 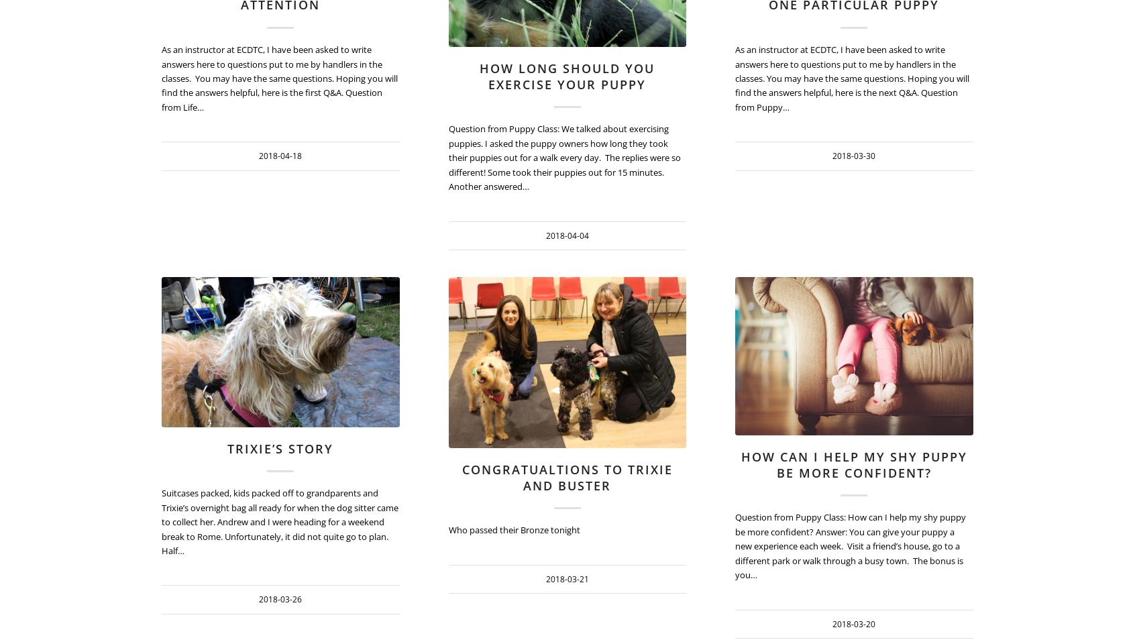 What do you see at coordinates (850, 545) in the screenshot?
I see `'Question from Puppy Class:

How can I help my shy puppy be more confident?

Answer:

You can give your puppy a new experience each week.  Visit a friend’s house, go to a different park or walk through a busy town.  The bonus is you…'` at bounding box center [850, 545].